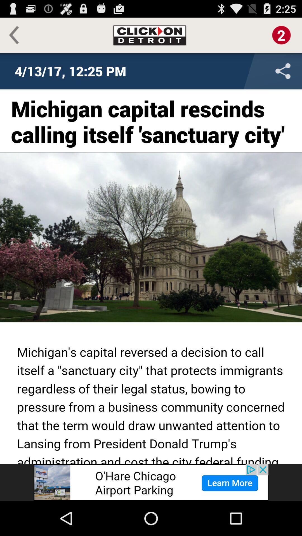  I want to click on advertisement, so click(151, 482).